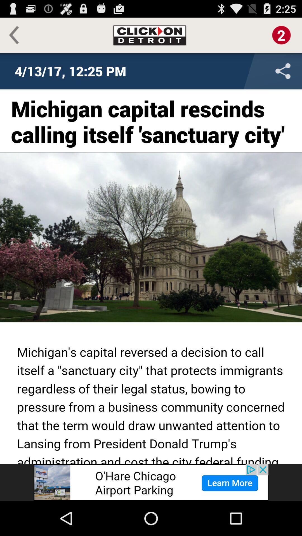  I want to click on advertisement, so click(151, 482).